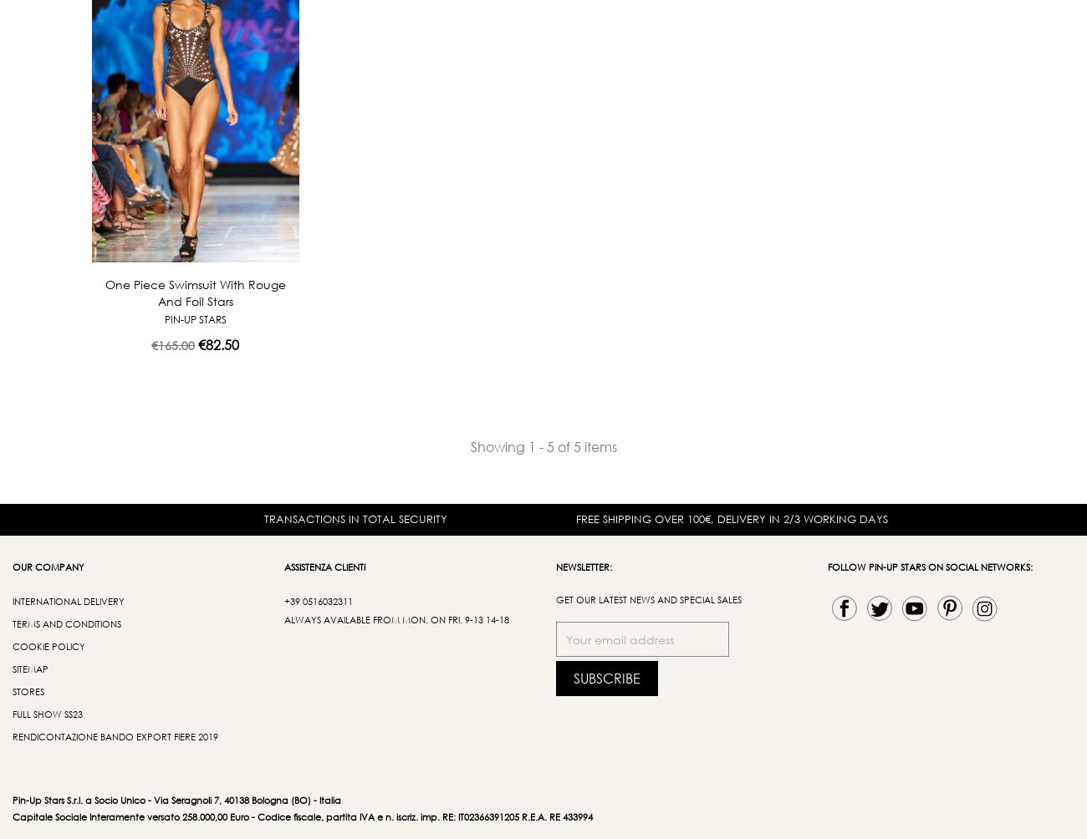 The height and width of the screenshot is (839, 1087). Describe the element at coordinates (29, 669) in the screenshot. I see `'Sitemap'` at that location.